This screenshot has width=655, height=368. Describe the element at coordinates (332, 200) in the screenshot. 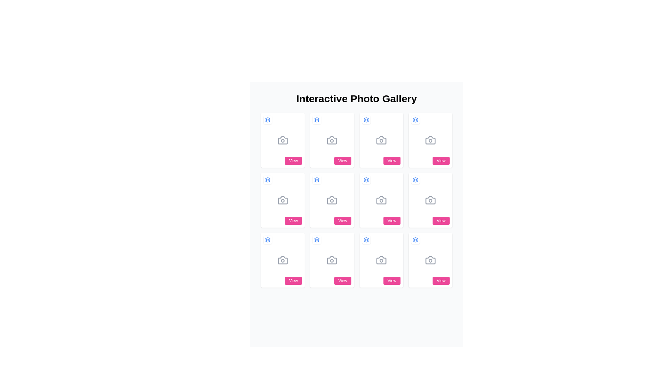

I see `the inner detail of the camera icon, which is represented as a gray outlined vector graphic within the SVG layout of the interactive photo gallery` at that location.